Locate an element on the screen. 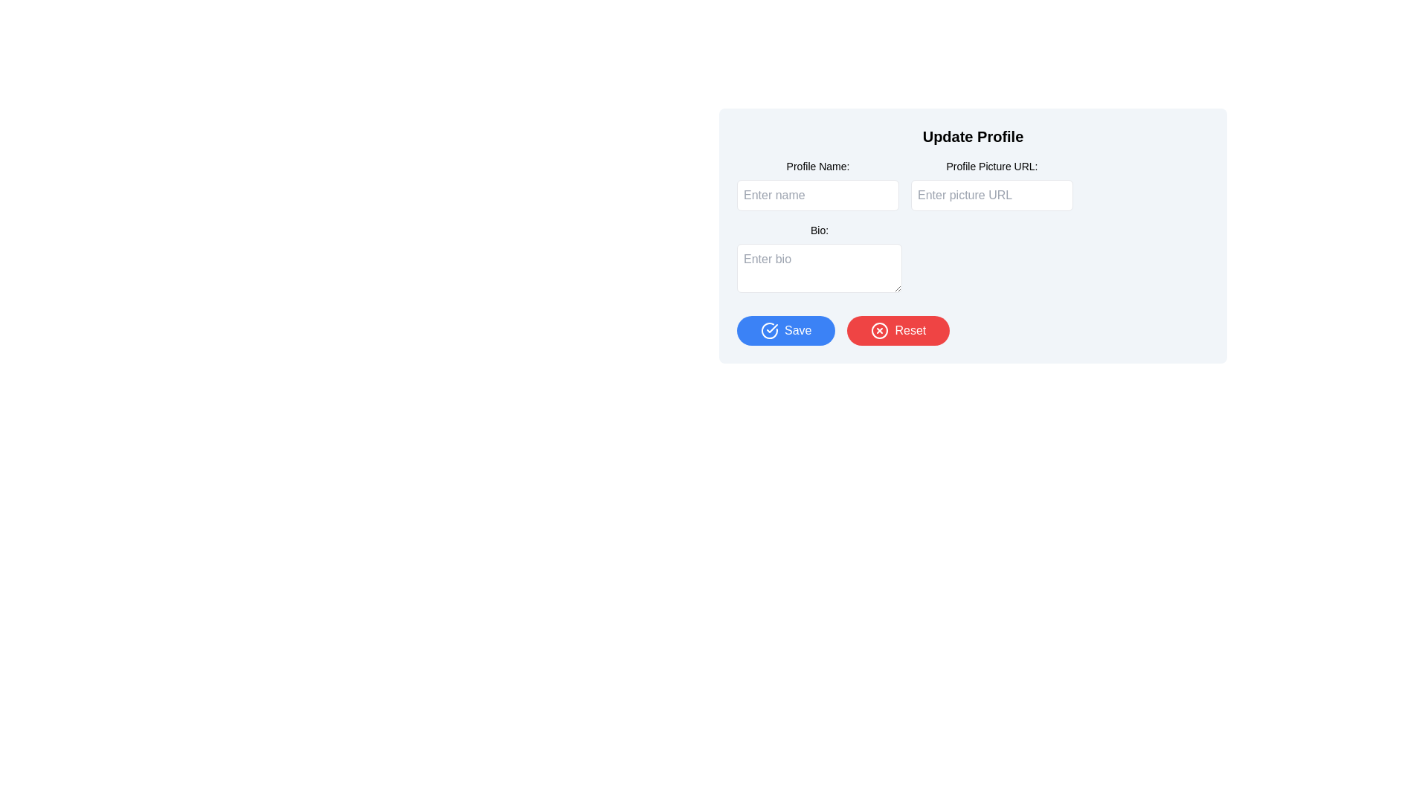  text 'Bio:' from the label located above the 'Enter bio' text area in the form section, which is formatted in a medium-sized sans-serif font is located at coordinates (819, 230).